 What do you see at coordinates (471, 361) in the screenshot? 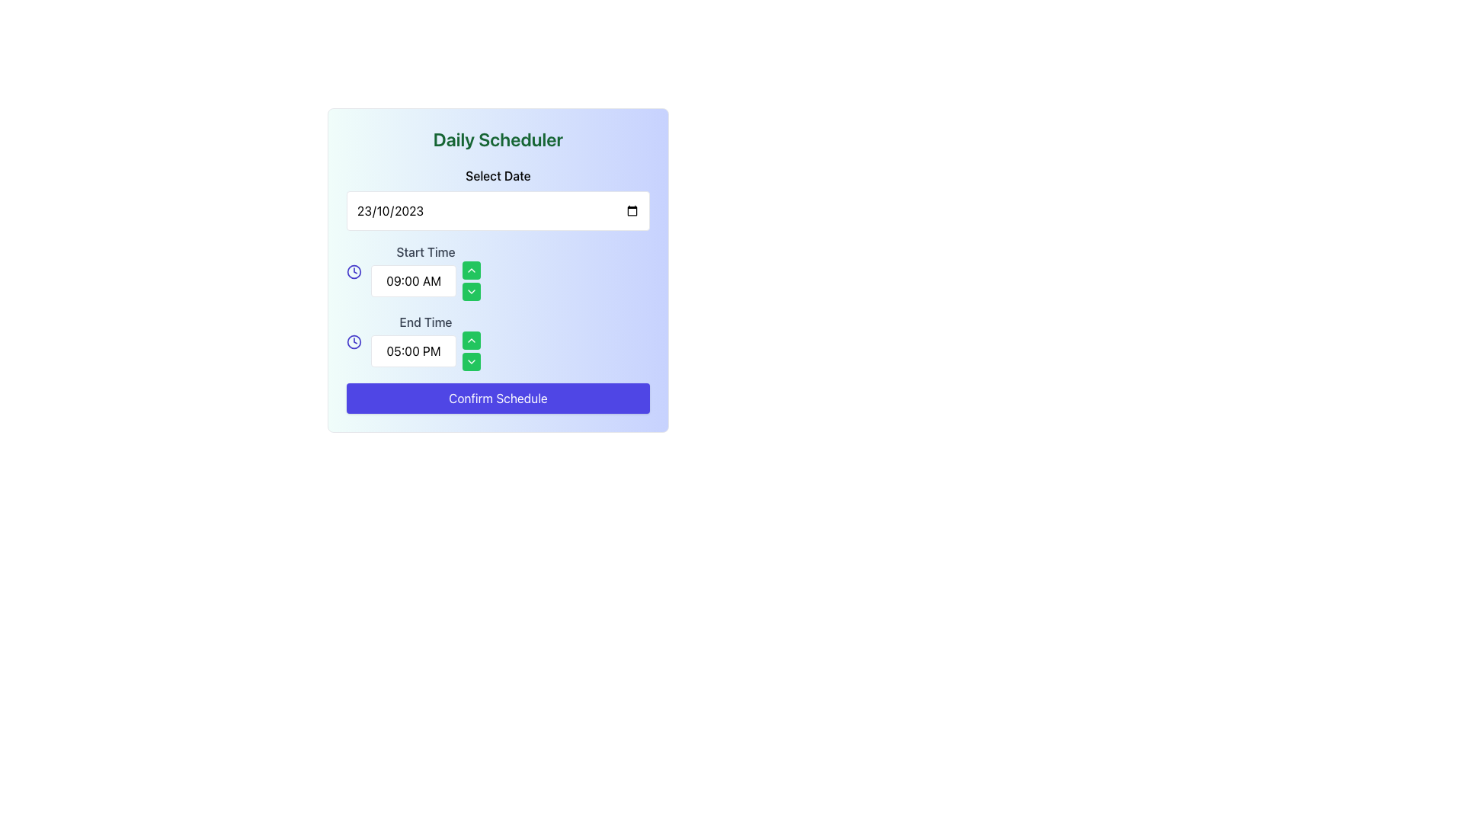
I see `the small green button with a downward-pointing chevron arrow icon to decrease the time in the 'End Time' input group, located to the right of the '05:00 PM' time field` at bounding box center [471, 361].